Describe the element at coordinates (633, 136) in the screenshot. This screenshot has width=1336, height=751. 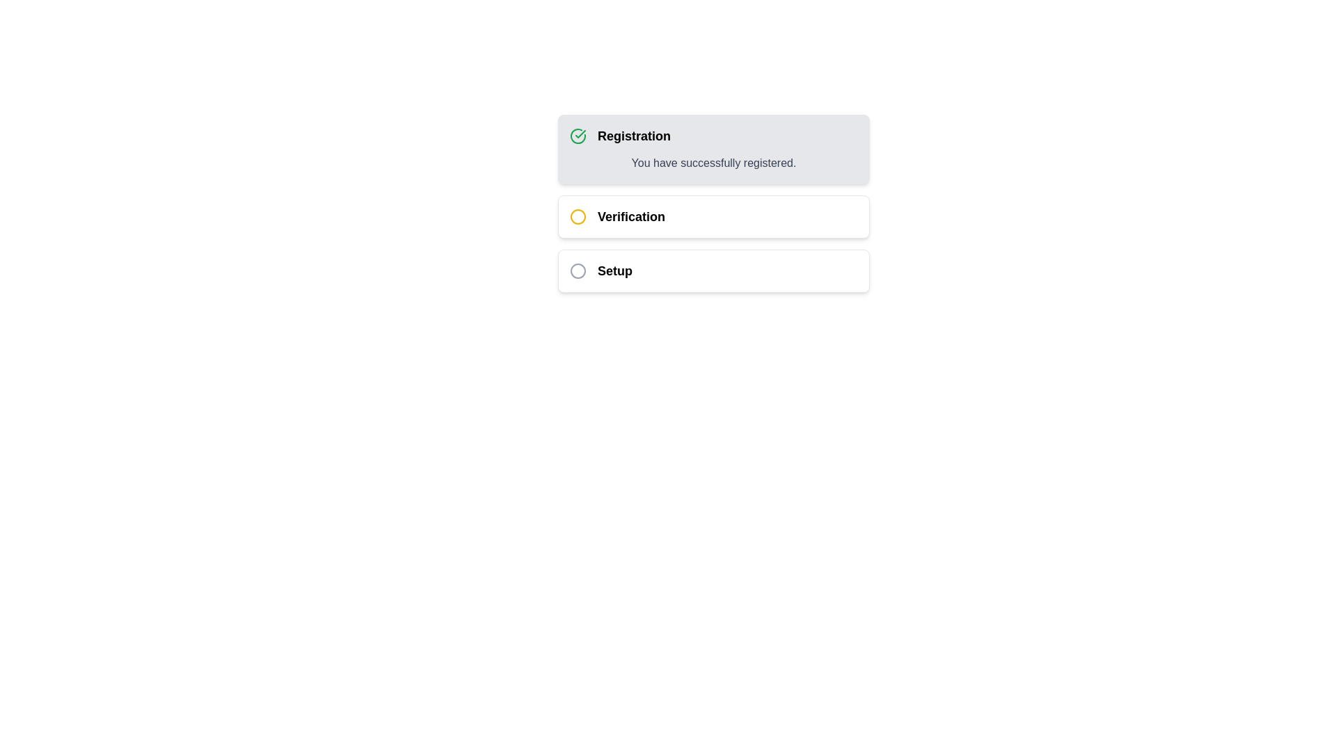
I see `the 'Registration' text label, which is bold and slightly larger, indicating a section in the process, positioned to the right of a green checkmark icon` at that location.